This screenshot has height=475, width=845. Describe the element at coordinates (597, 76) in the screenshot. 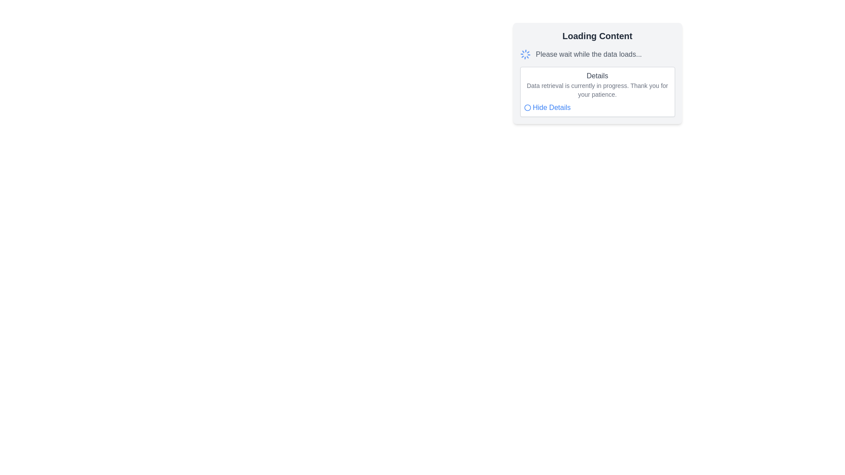

I see `the text element displaying 'Details' in gray, which is located at the top of a rounded box above the data retrieval status paragraph` at that location.